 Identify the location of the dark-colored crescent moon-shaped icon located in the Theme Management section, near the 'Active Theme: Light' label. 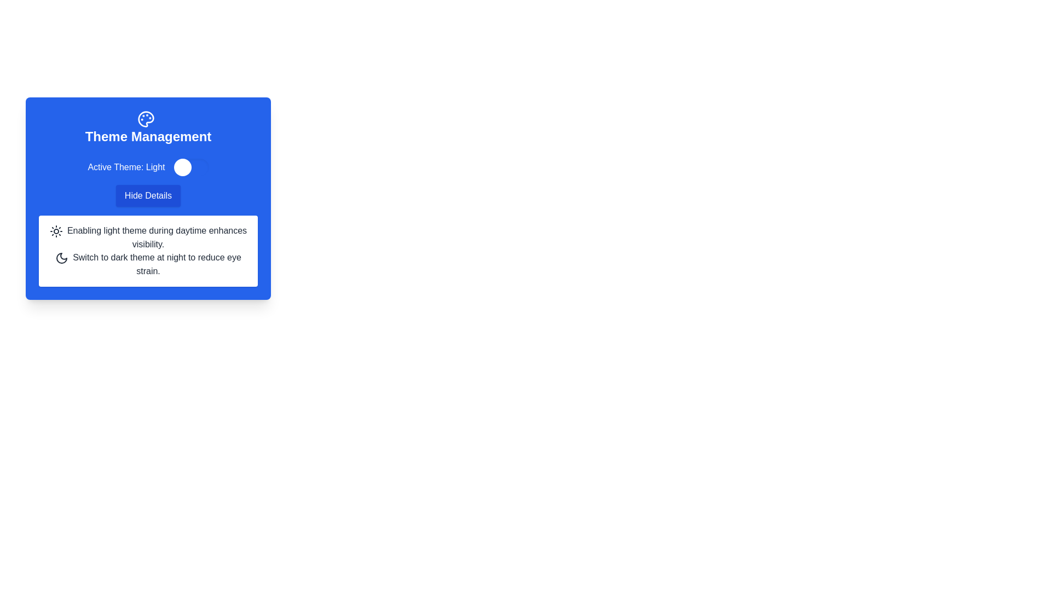
(61, 258).